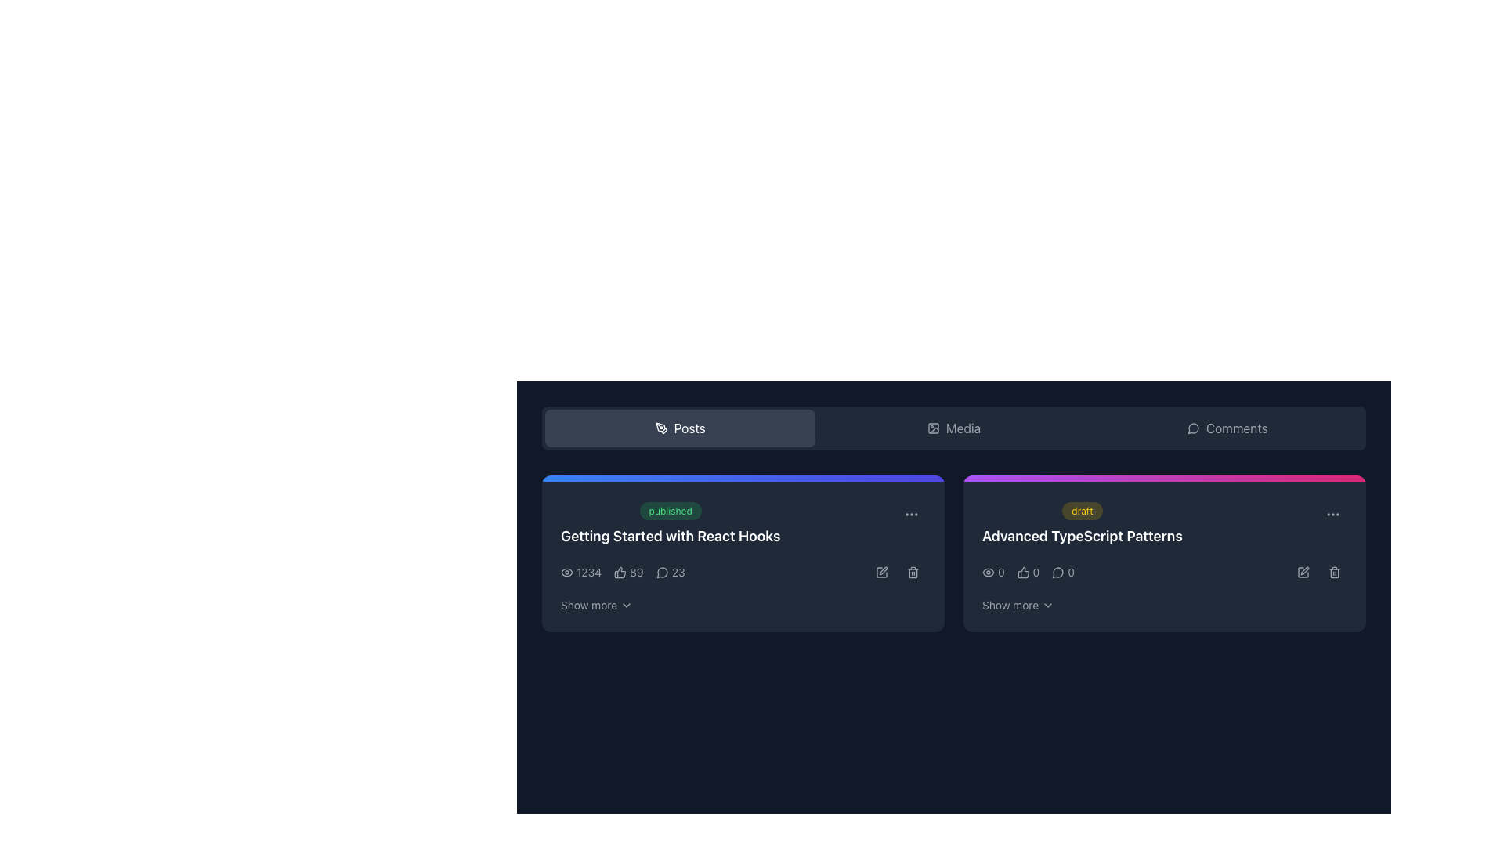 This screenshot has width=1504, height=846. I want to click on the speech bubble icon indicating zero comments located in the lower section of the second post card on the right side of the interface, so click(1063, 573).